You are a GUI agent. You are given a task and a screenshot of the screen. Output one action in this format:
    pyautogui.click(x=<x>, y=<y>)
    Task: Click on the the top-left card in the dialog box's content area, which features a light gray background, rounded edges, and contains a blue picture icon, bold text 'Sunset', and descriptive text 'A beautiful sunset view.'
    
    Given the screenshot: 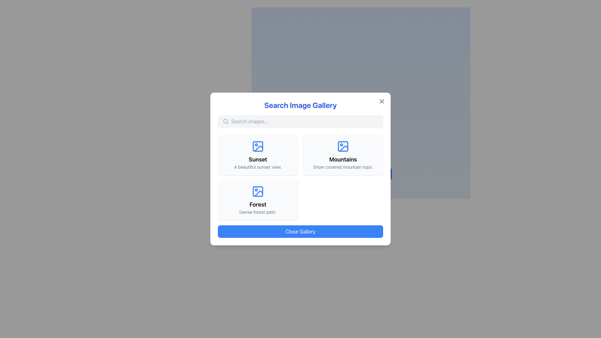 What is the action you would take?
    pyautogui.click(x=258, y=155)
    